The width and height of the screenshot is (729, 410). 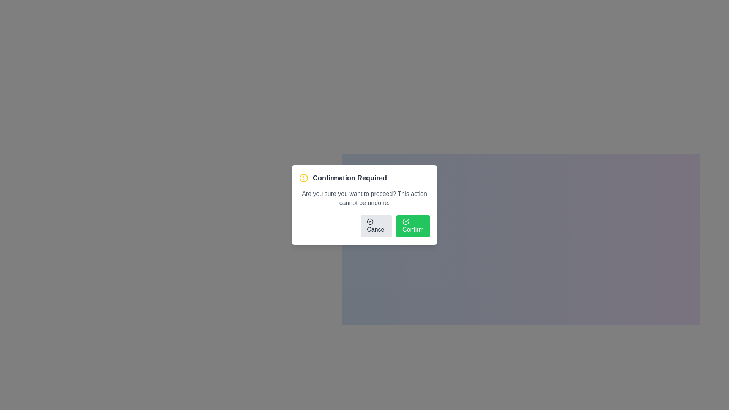 What do you see at coordinates (304, 178) in the screenshot?
I see `the meaning of the alert icon with a yellow border located to the left of the 'Confirmation Required' text in the top-left part of the confirmation dialog box` at bounding box center [304, 178].